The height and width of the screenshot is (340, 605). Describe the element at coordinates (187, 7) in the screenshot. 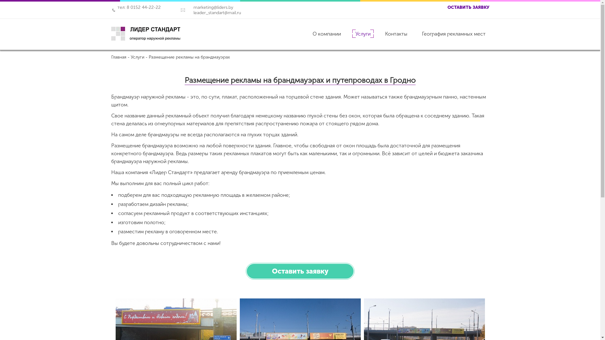

I see `'marketing@liders.by'` at that location.